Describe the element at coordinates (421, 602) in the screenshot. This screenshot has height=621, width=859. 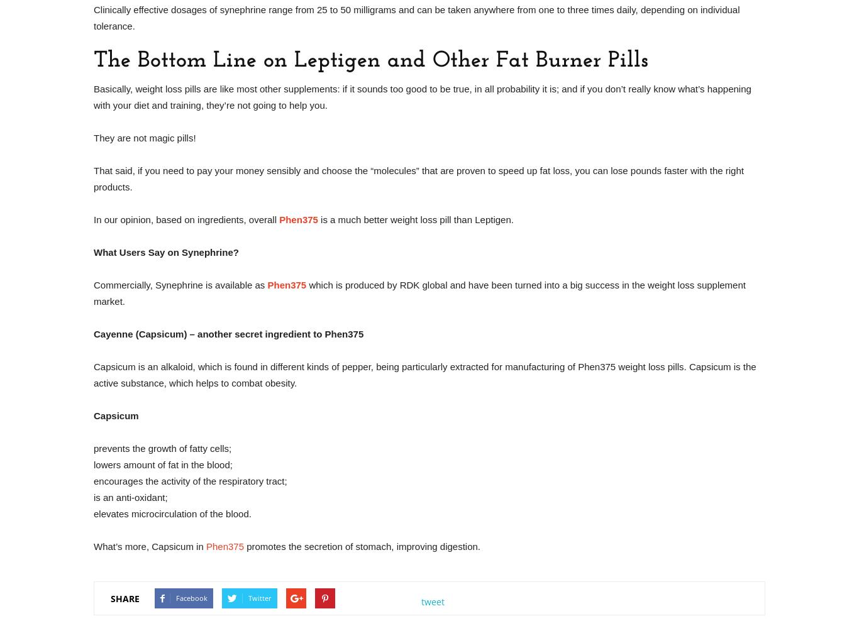
I see `'tweet'` at that location.